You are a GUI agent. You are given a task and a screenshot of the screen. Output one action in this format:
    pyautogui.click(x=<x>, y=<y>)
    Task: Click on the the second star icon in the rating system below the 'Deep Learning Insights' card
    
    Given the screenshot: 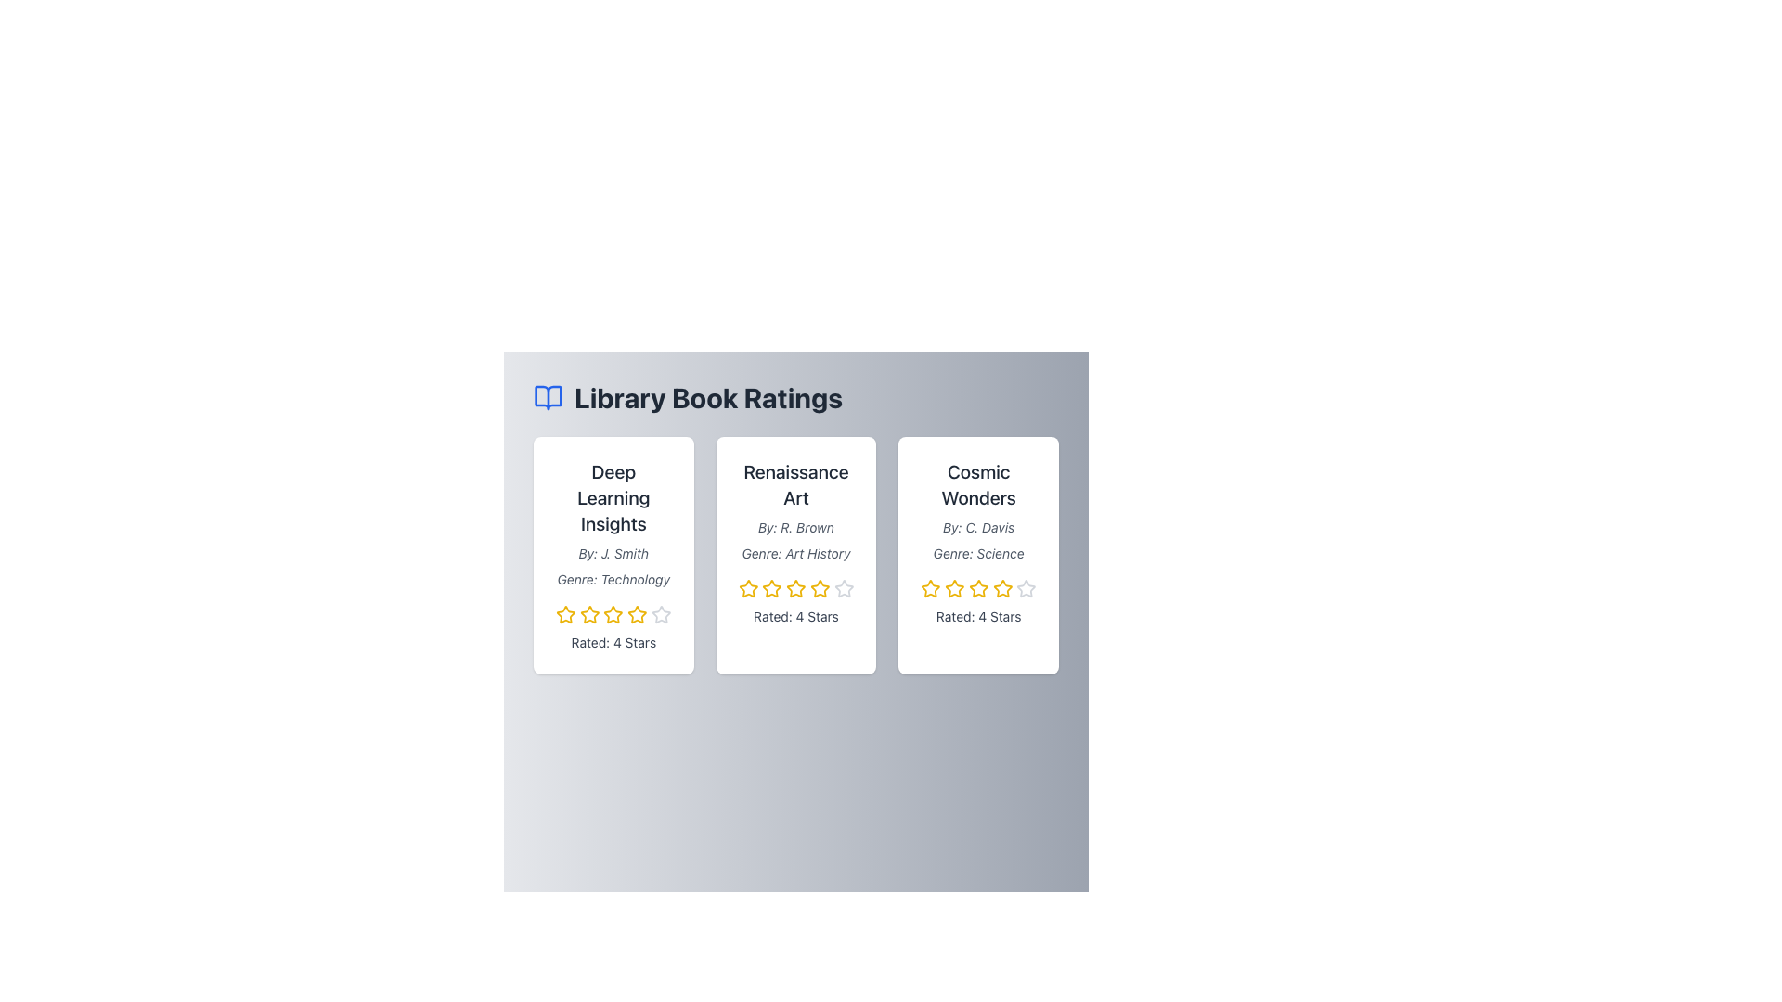 What is the action you would take?
    pyautogui.click(x=588, y=614)
    